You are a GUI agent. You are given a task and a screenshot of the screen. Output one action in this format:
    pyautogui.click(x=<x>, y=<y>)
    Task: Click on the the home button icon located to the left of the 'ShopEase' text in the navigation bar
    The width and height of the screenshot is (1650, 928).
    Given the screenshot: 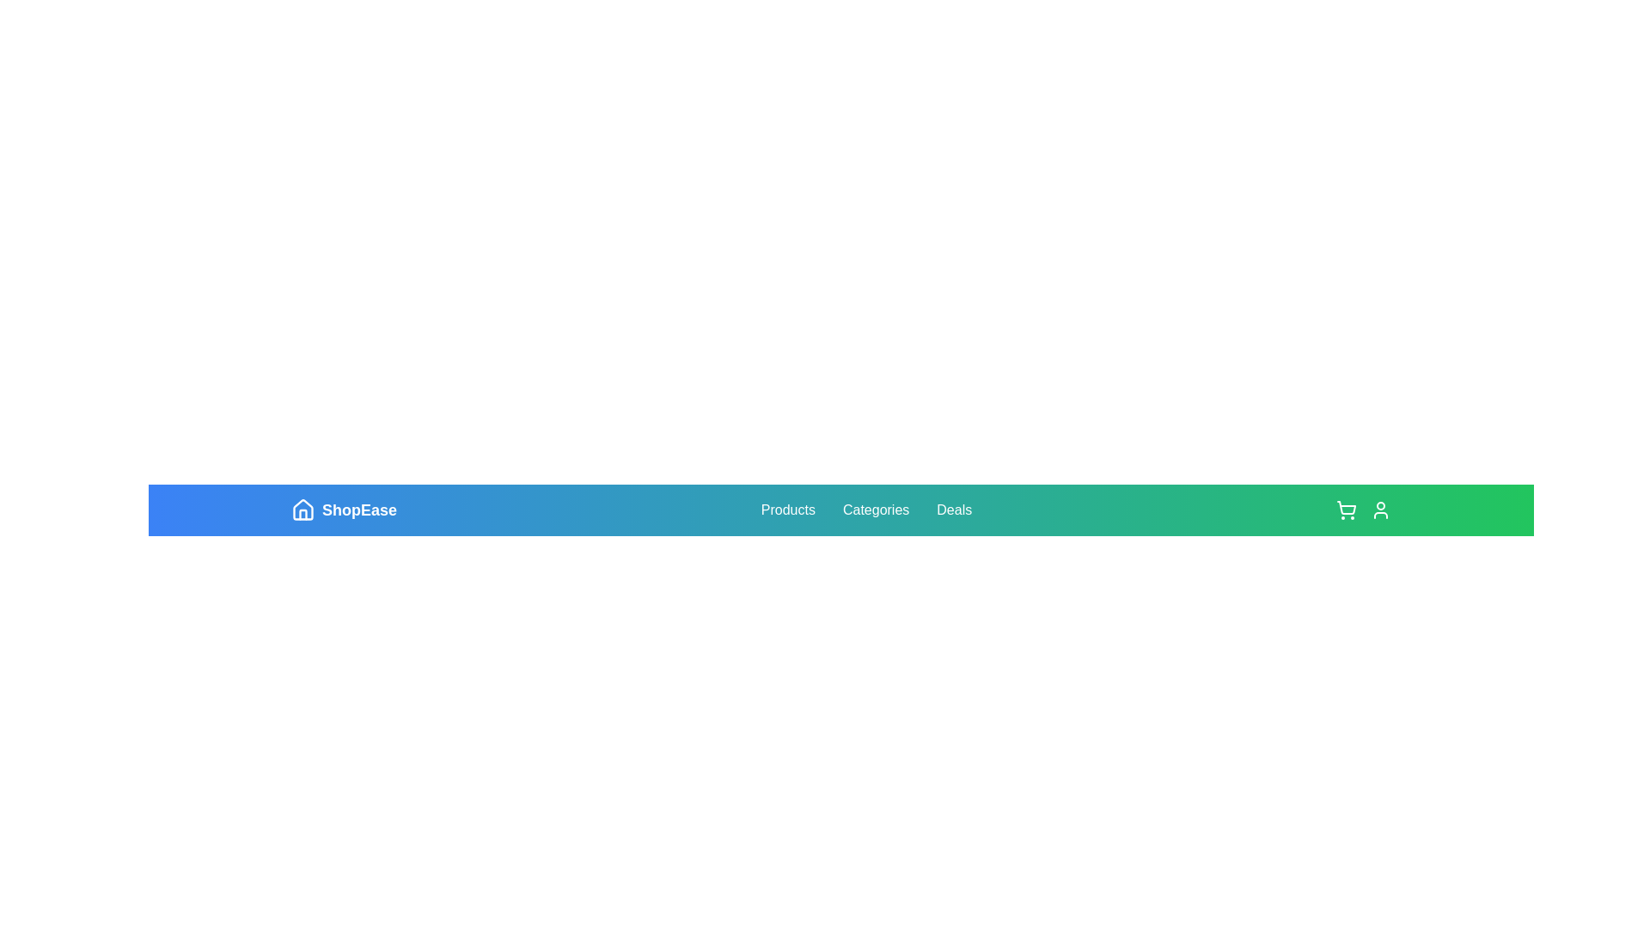 What is the action you would take?
    pyautogui.click(x=303, y=510)
    